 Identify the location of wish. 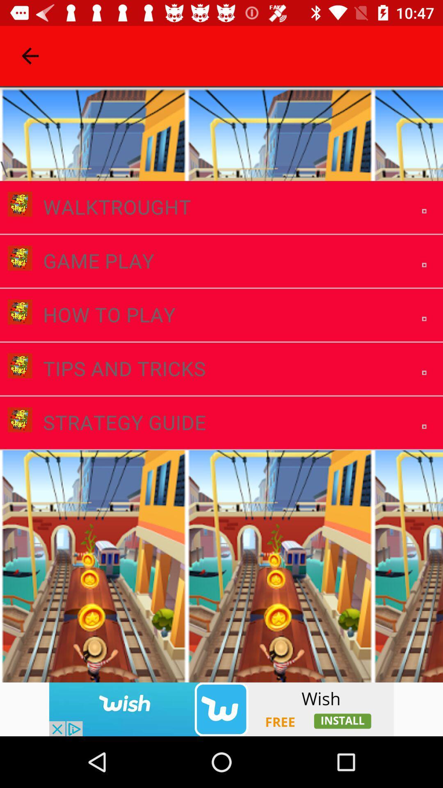
(221, 709).